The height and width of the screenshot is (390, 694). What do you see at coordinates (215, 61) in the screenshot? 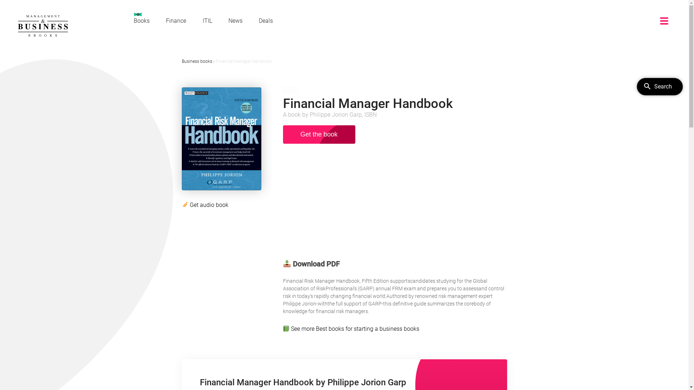
I see `'Financial Manager Handbook'` at bounding box center [215, 61].